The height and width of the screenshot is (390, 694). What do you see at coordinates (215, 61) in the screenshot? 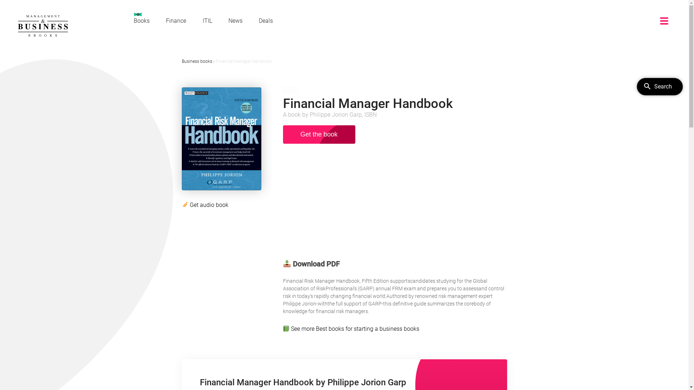
I see `'Financial Manager Handbook'` at bounding box center [215, 61].